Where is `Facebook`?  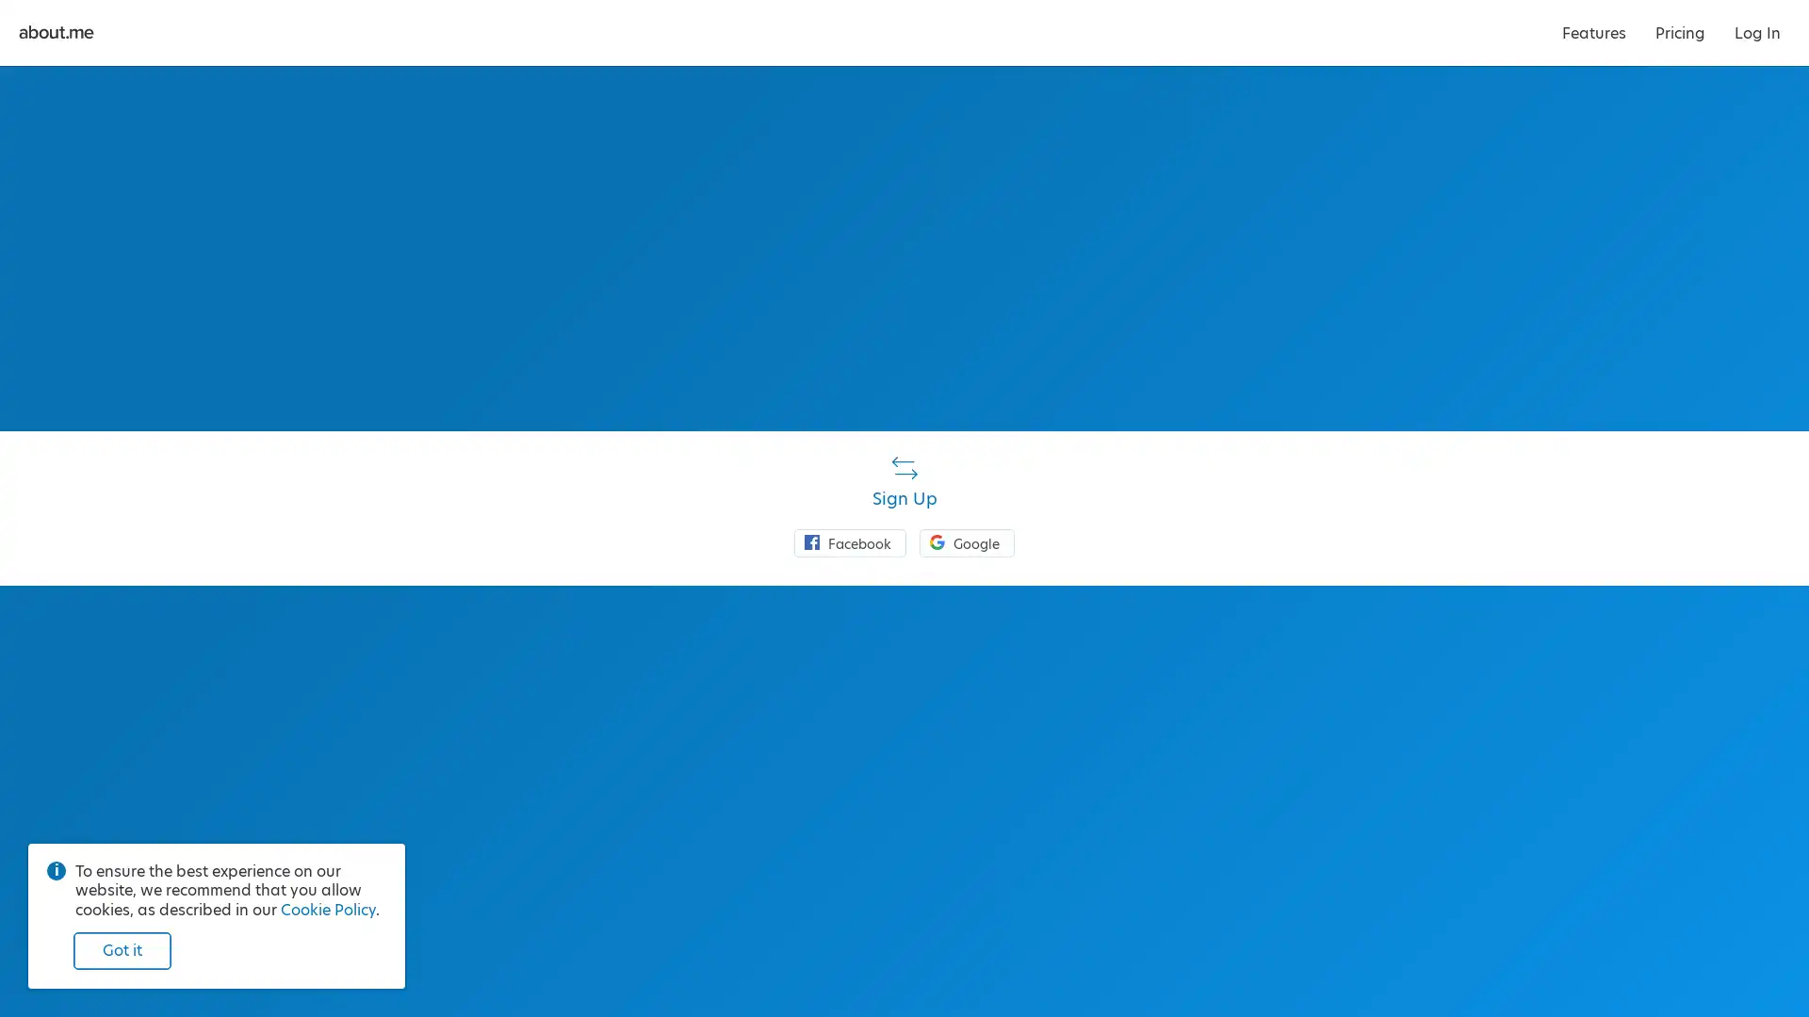
Facebook is located at coordinates (849, 541).